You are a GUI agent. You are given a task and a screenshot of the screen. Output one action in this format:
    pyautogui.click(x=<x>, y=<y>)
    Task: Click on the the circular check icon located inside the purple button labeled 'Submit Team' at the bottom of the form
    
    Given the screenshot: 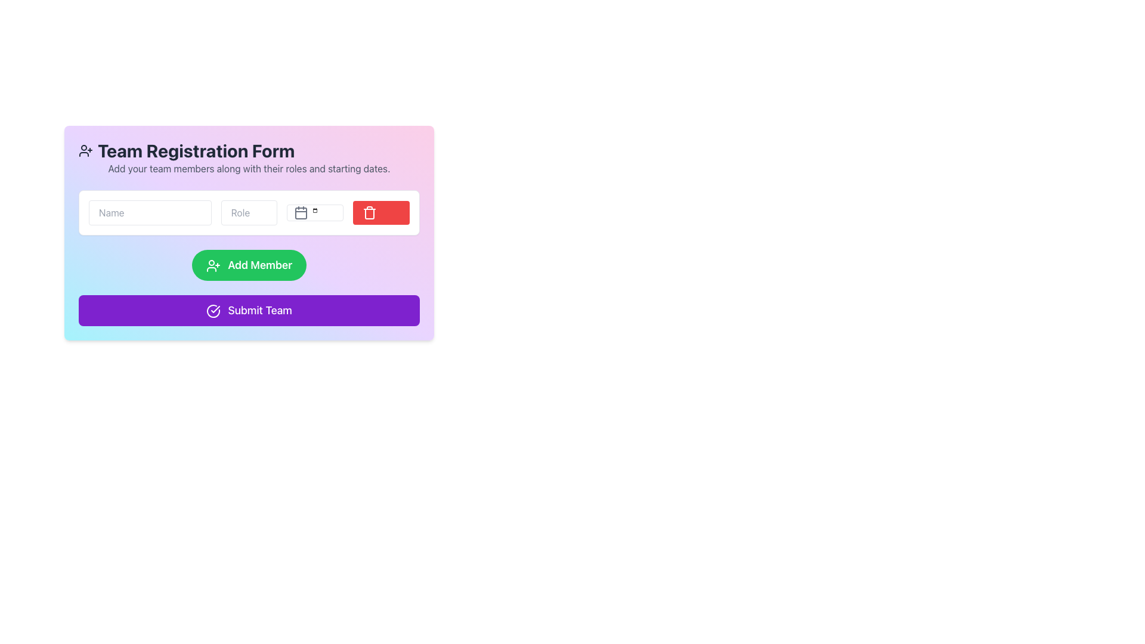 What is the action you would take?
    pyautogui.click(x=213, y=311)
    